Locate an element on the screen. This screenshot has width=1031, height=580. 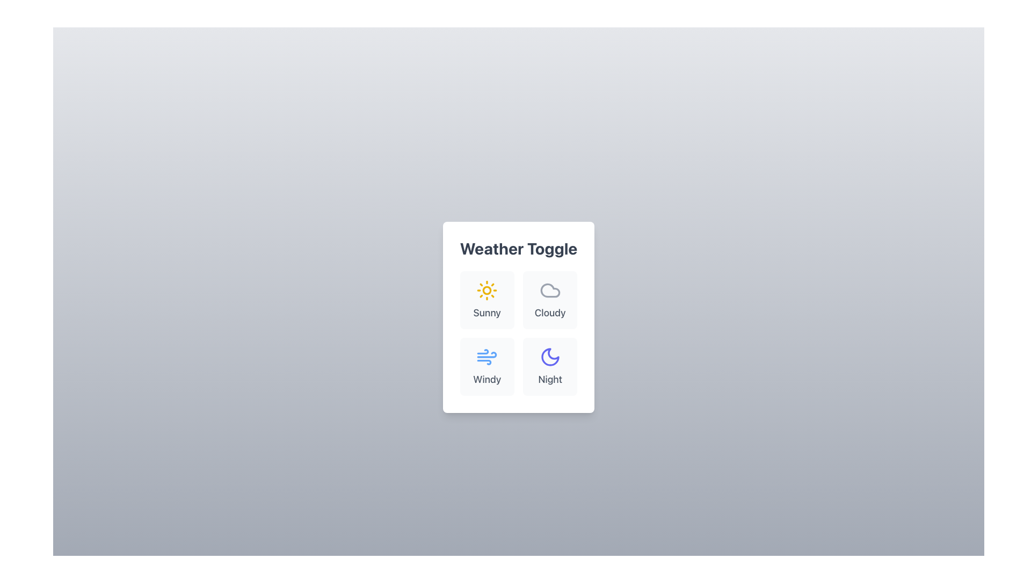
the text label reading 'Cloudy', which is styled in gray and located beneath a cloud icon in the Weather Toggle card UI is located at coordinates (550, 313).